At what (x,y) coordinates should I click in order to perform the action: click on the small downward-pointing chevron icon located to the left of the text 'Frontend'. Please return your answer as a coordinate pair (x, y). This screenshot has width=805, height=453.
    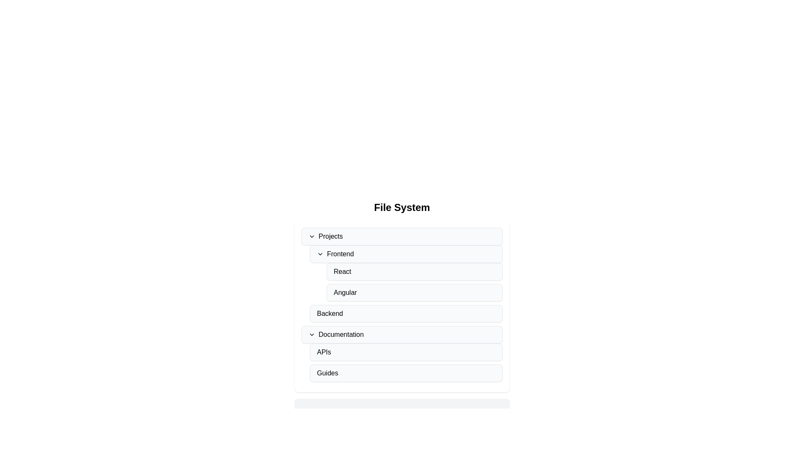
    Looking at the image, I should click on (319, 253).